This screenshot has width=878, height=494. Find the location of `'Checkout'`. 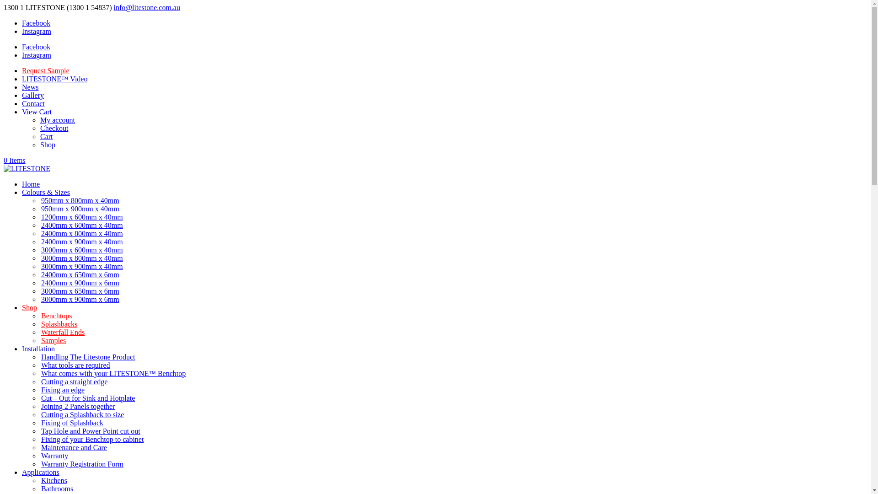

'Checkout' is located at coordinates (39, 128).